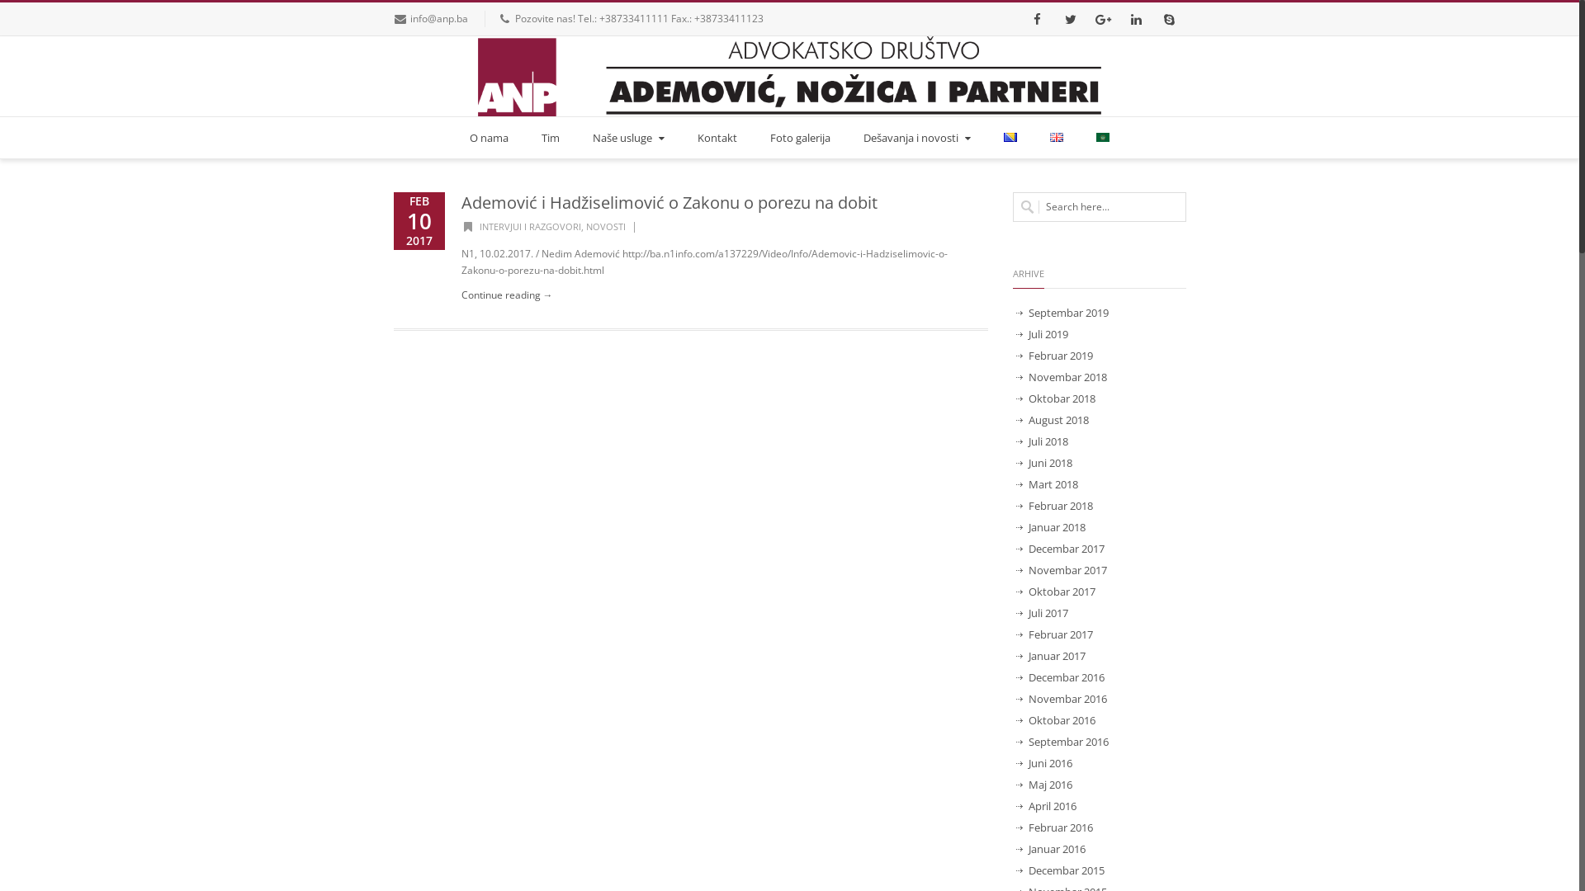  What do you see at coordinates (1062, 568) in the screenshot?
I see `'Novembar 2017'` at bounding box center [1062, 568].